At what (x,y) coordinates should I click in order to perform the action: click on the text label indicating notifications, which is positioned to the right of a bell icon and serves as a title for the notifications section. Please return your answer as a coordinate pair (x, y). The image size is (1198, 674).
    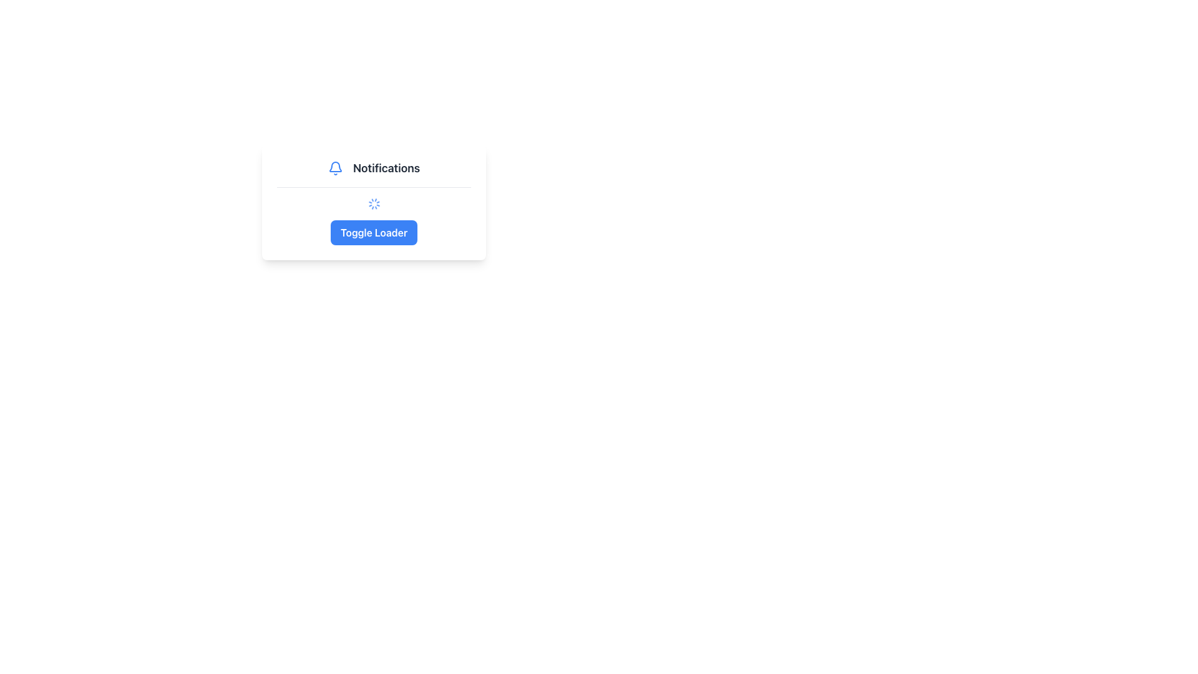
    Looking at the image, I should click on (386, 168).